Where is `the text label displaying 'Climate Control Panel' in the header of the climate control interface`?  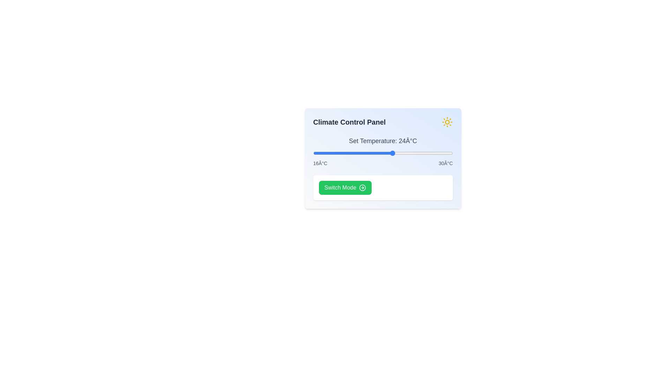
the text label displaying 'Climate Control Panel' in the header of the climate control interface is located at coordinates (349, 122).